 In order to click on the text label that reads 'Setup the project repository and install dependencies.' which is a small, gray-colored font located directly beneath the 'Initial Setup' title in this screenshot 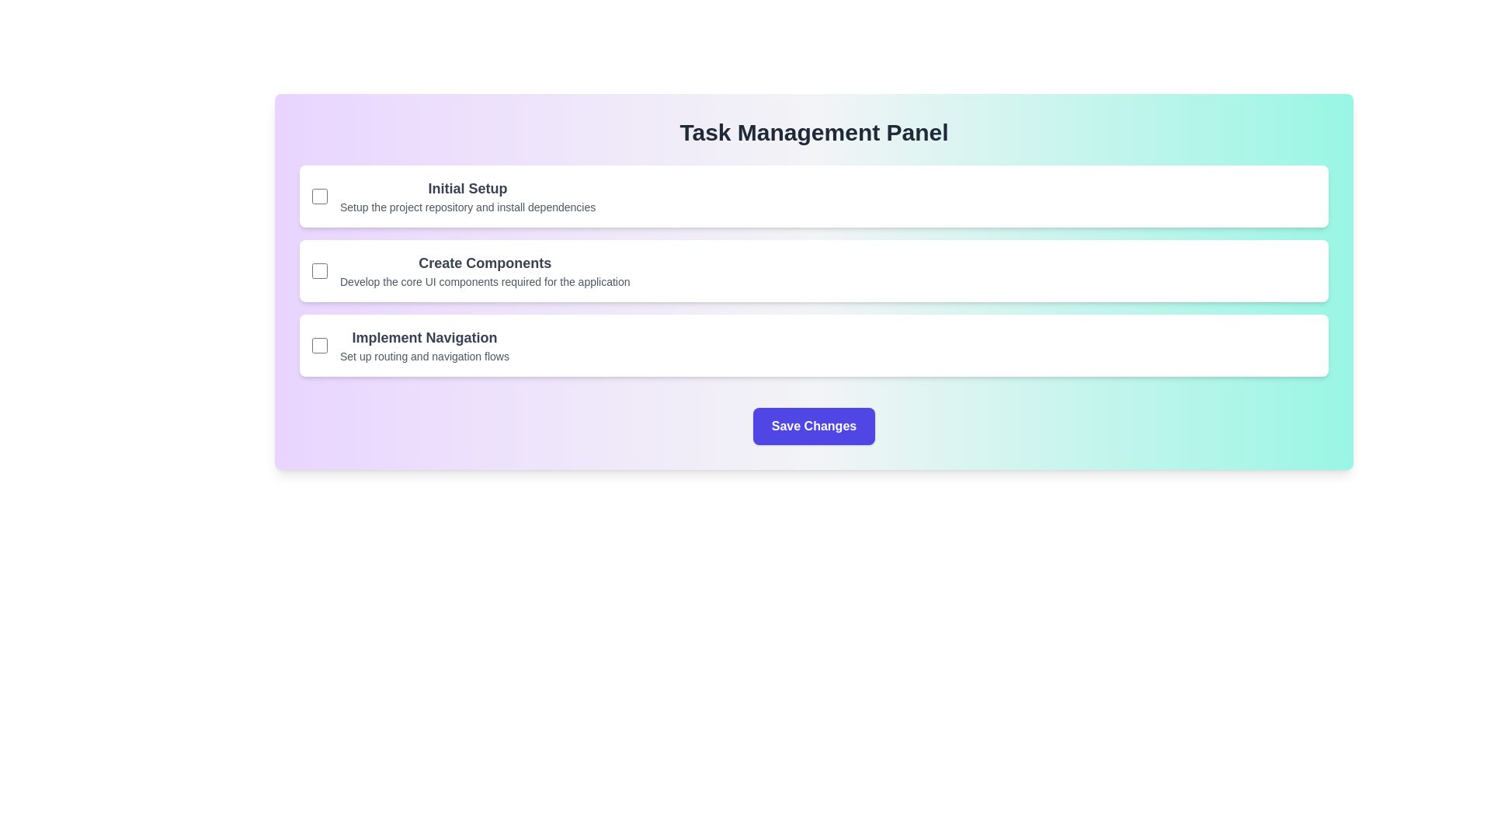, I will do `click(467, 206)`.